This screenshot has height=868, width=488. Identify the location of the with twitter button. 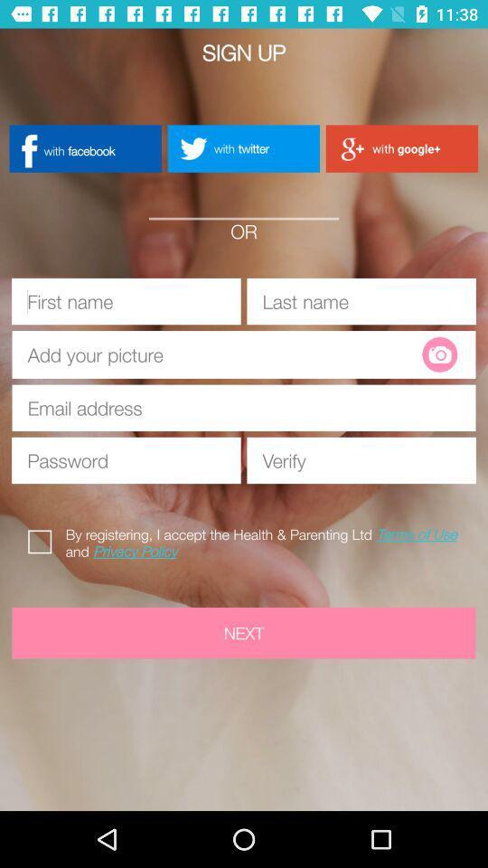
(243, 147).